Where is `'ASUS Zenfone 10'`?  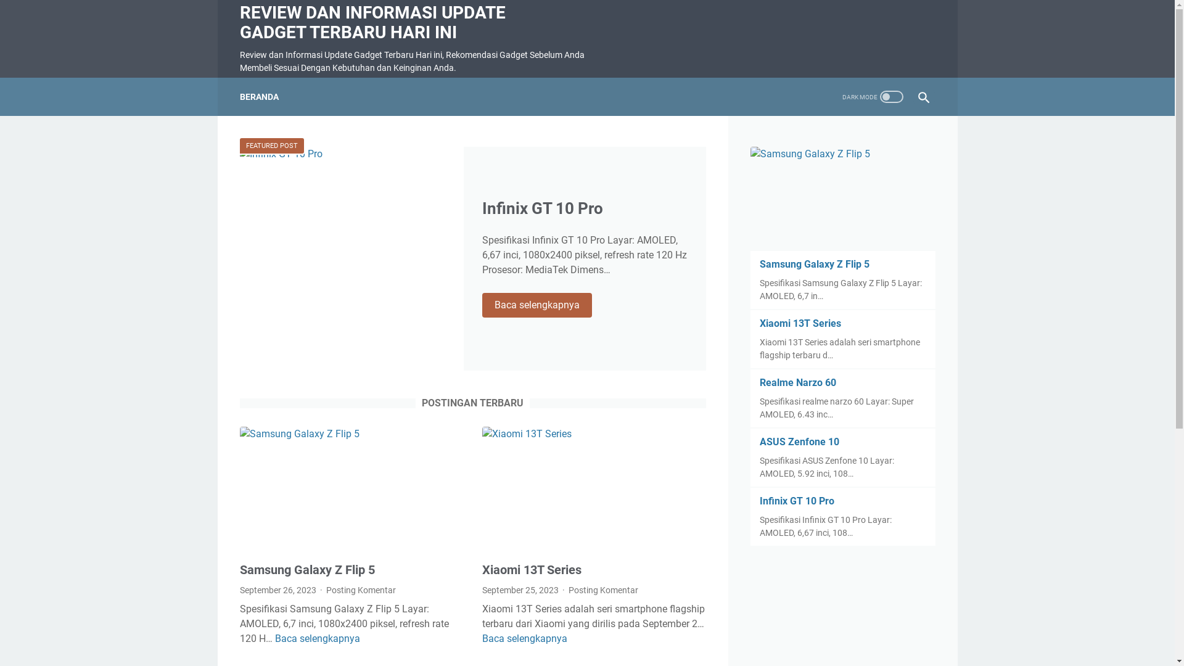 'ASUS Zenfone 10' is located at coordinates (799, 441).